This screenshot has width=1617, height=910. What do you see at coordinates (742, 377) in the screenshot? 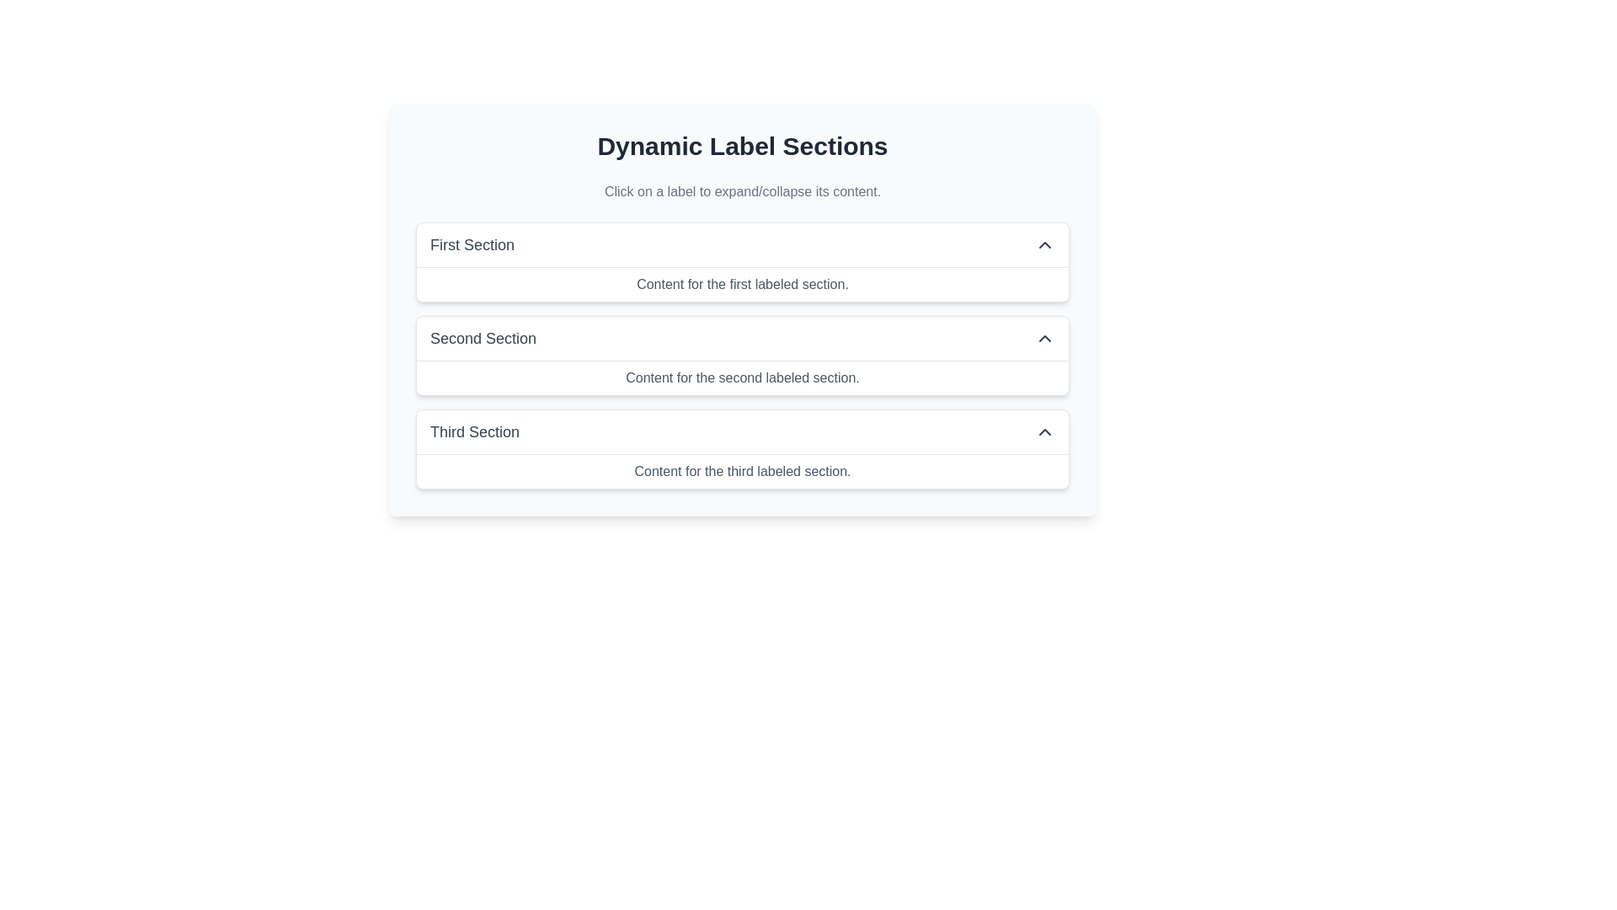
I see `the static text displaying content related to the 'Second Section', which is located below the section title and chevron icon in the middle card` at bounding box center [742, 377].